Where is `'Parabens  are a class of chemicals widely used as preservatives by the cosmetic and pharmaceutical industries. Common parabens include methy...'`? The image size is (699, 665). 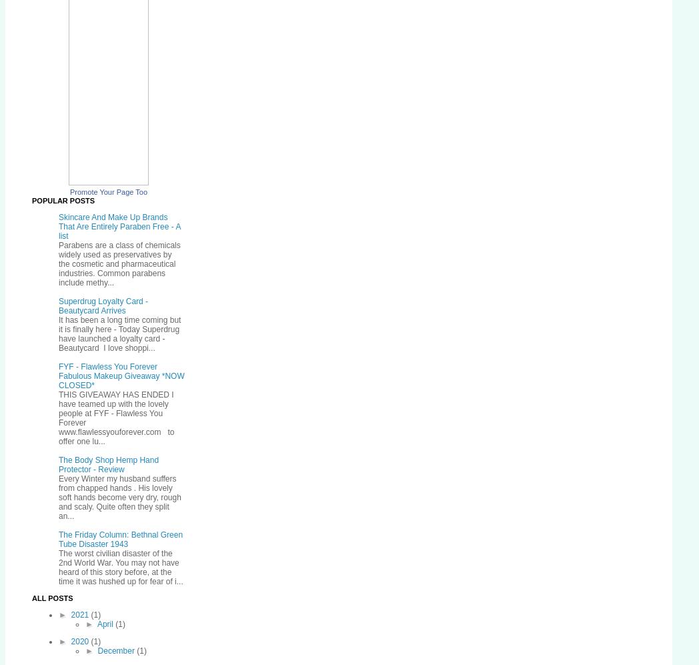
'Parabens  are a class of chemicals widely used as preservatives by the cosmetic and pharmaceutical industries. Common parabens include methy...' is located at coordinates (118, 264).